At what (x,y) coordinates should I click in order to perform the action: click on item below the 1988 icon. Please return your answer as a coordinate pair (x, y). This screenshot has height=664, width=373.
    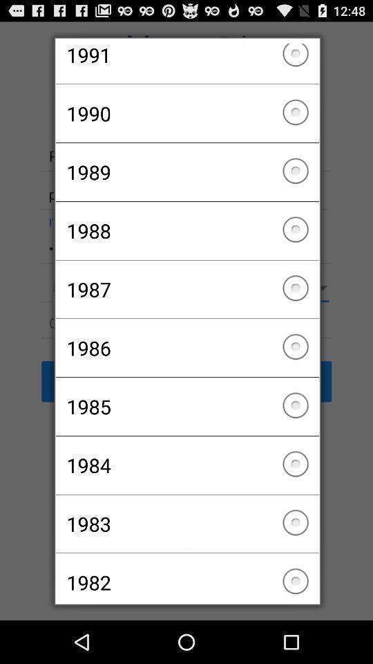
    Looking at the image, I should click on (186, 288).